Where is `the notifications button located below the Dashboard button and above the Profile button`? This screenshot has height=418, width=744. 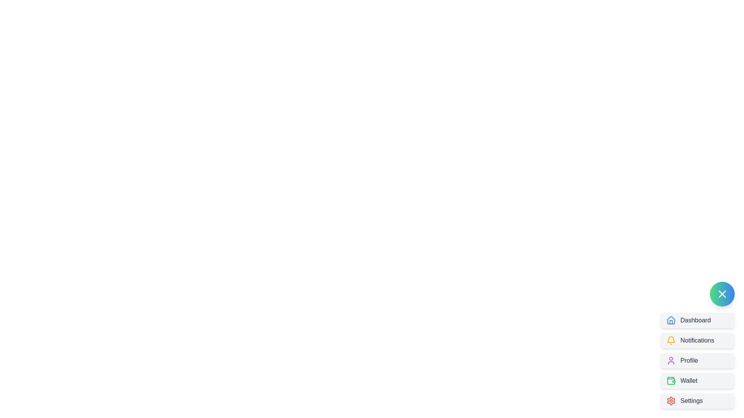 the notifications button located below the Dashboard button and above the Profile button is located at coordinates (697, 340).